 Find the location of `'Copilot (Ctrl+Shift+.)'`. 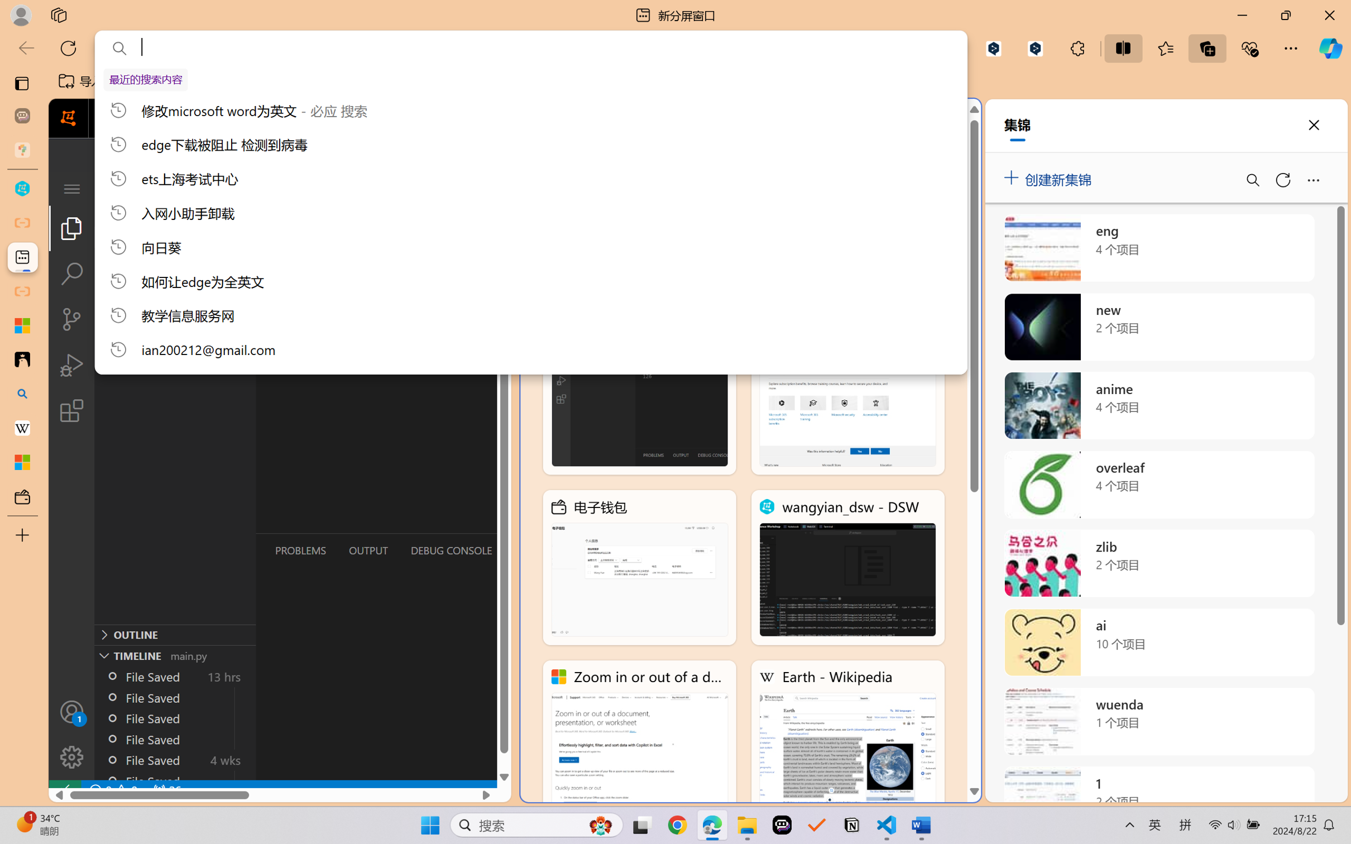

'Copilot (Ctrl+Shift+.)' is located at coordinates (1330, 48).